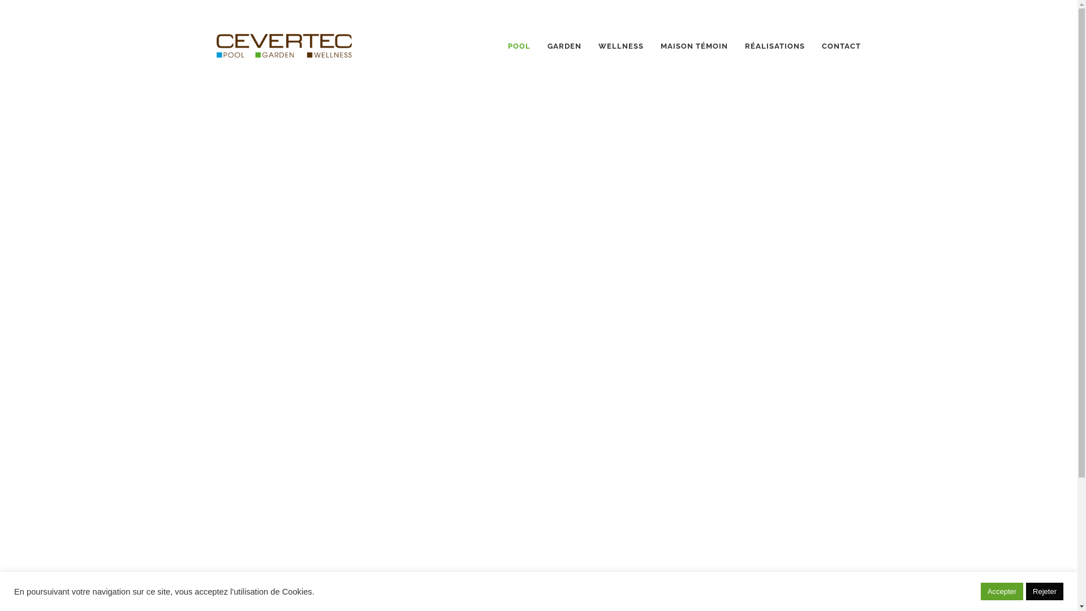  Describe the element at coordinates (1002, 591) in the screenshot. I see `'Accepter'` at that location.